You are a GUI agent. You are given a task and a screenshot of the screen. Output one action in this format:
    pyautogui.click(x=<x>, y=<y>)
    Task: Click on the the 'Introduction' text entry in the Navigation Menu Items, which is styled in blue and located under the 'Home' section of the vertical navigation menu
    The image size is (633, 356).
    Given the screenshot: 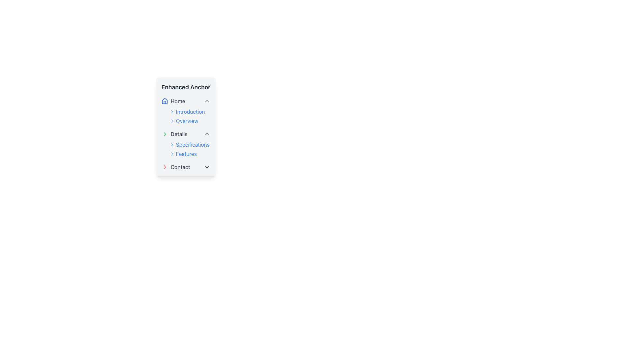 What is the action you would take?
    pyautogui.click(x=190, y=116)
    